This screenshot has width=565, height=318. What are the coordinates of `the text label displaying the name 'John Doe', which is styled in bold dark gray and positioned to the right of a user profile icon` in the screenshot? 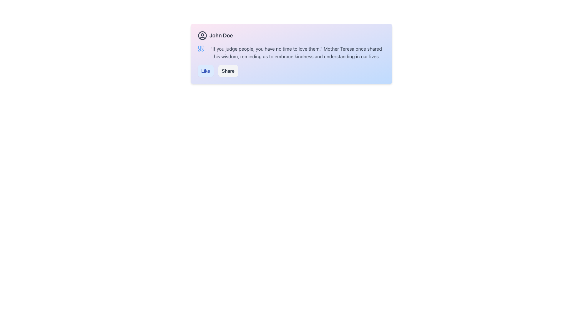 It's located at (221, 35).